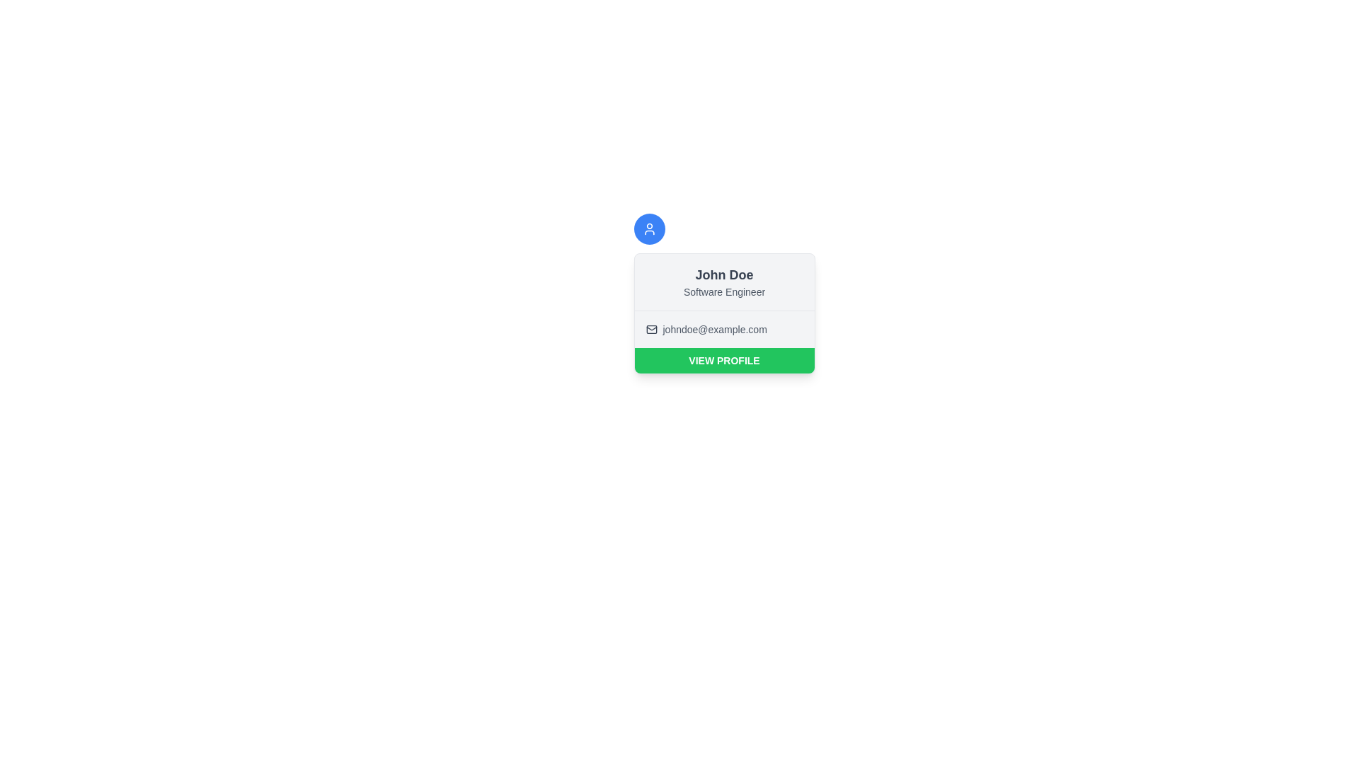 The height and width of the screenshot is (764, 1359). Describe the element at coordinates (724, 310) in the screenshot. I see `the thin horizontal separator line that visually separates the name and title from the email address within the card interface` at that location.